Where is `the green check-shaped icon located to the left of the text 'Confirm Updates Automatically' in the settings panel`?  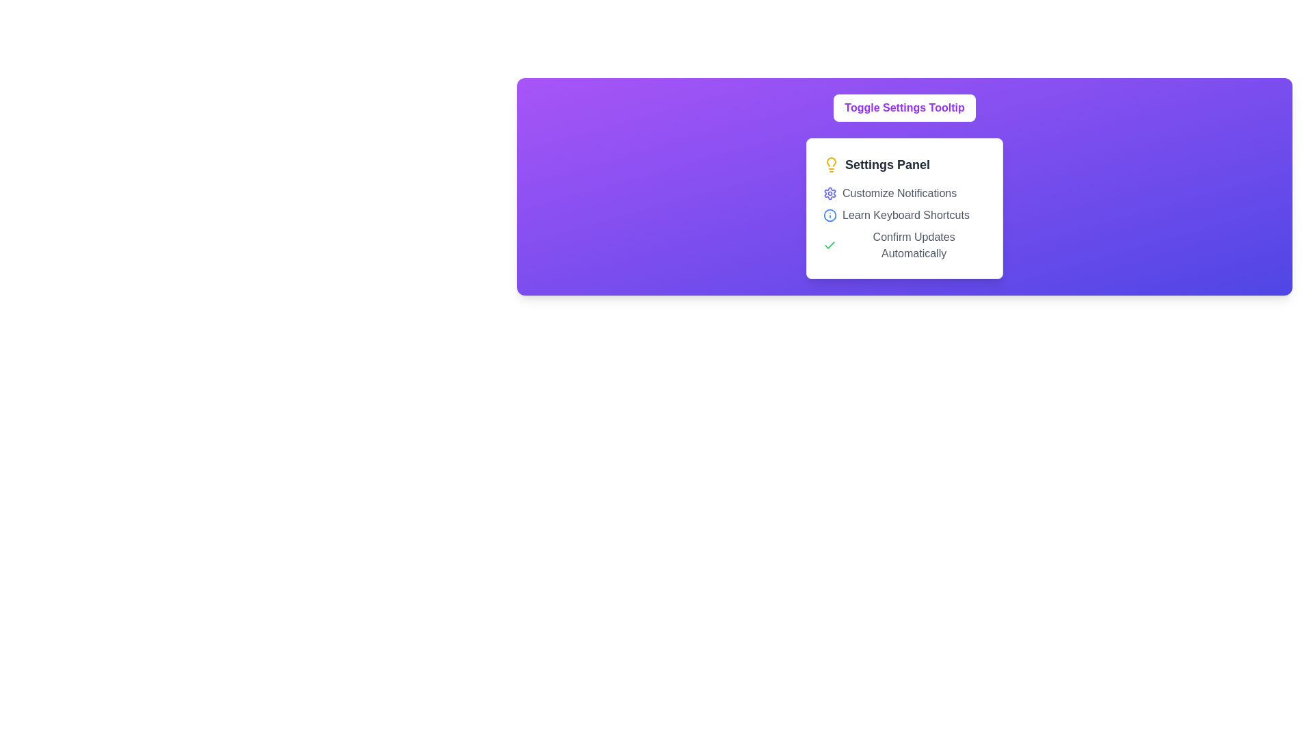 the green check-shaped icon located to the left of the text 'Confirm Updates Automatically' in the settings panel is located at coordinates (829, 244).